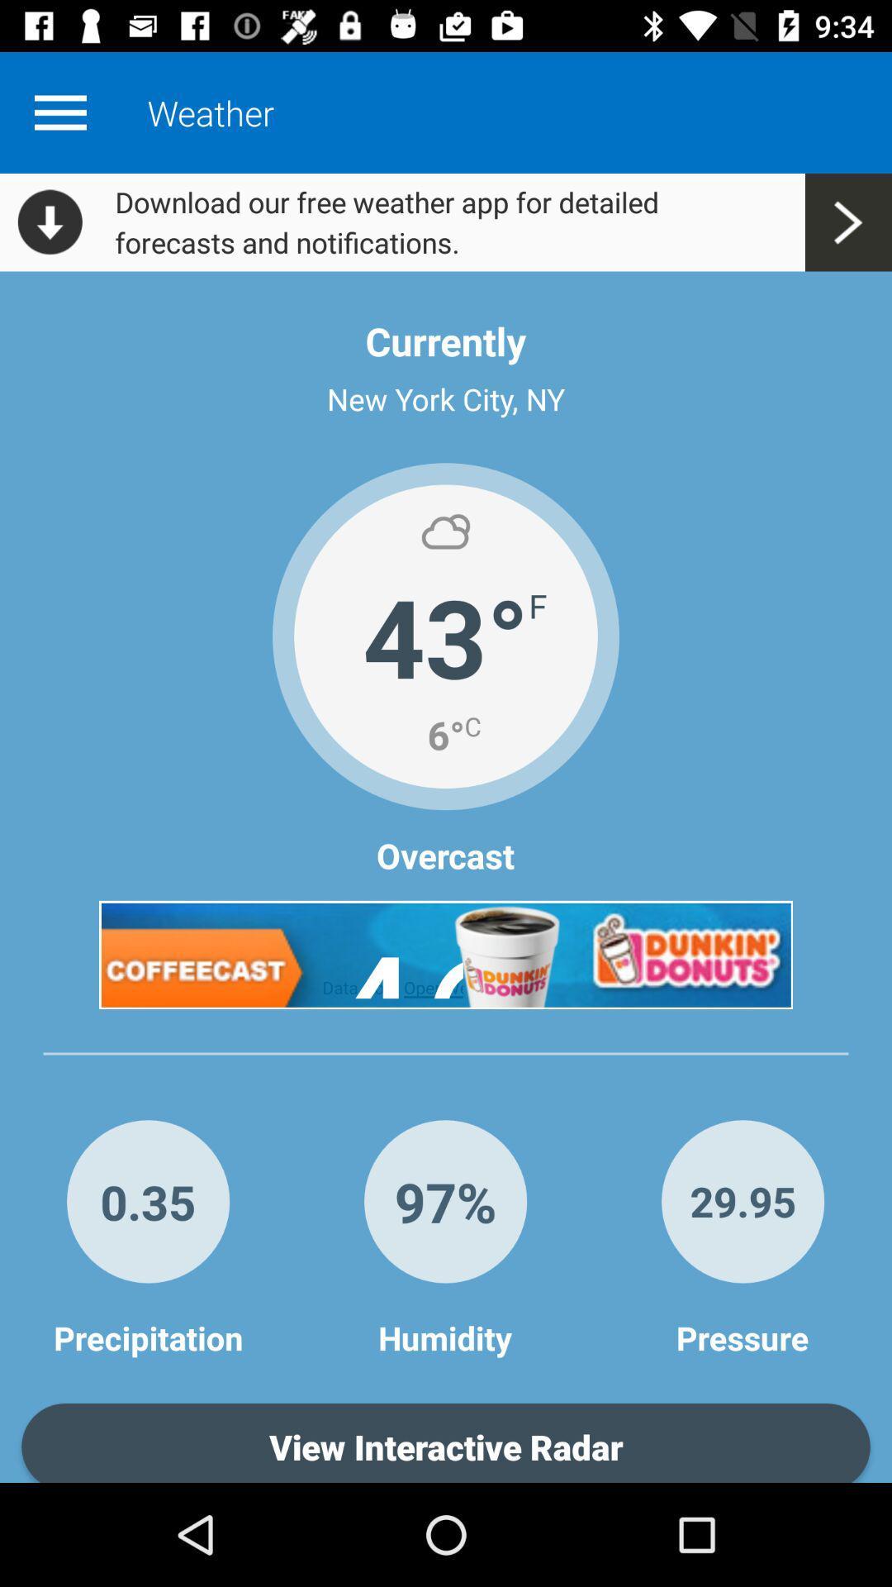  What do you see at coordinates (446, 955) in the screenshot?
I see `advertisements option` at bounding box center [446, 955].